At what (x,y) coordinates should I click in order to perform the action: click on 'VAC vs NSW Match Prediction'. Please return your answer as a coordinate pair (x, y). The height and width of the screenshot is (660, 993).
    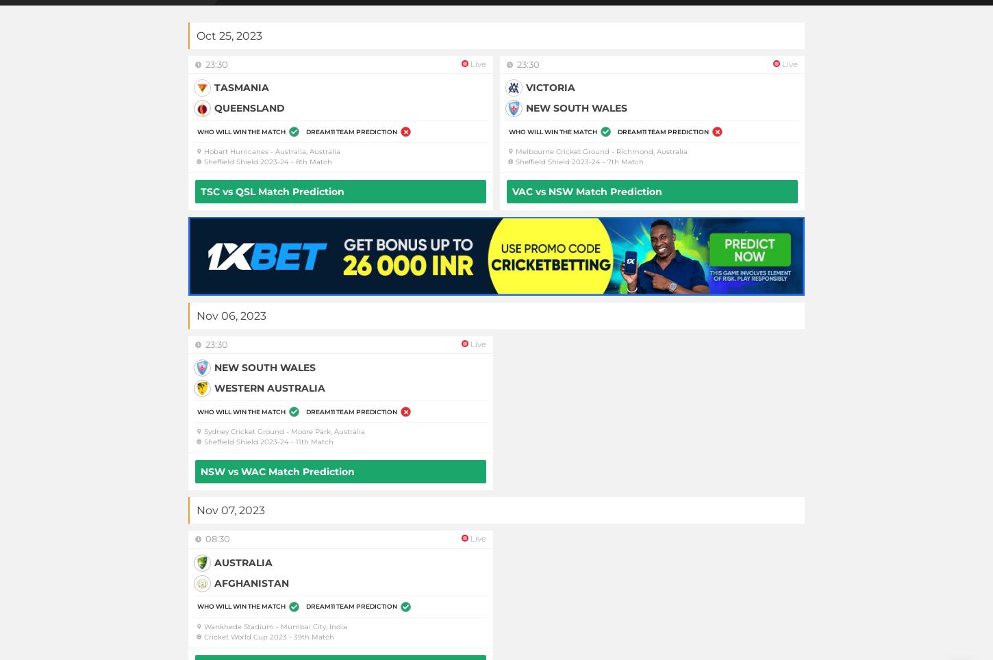
    Looking at the image, I should click on (586, 191).